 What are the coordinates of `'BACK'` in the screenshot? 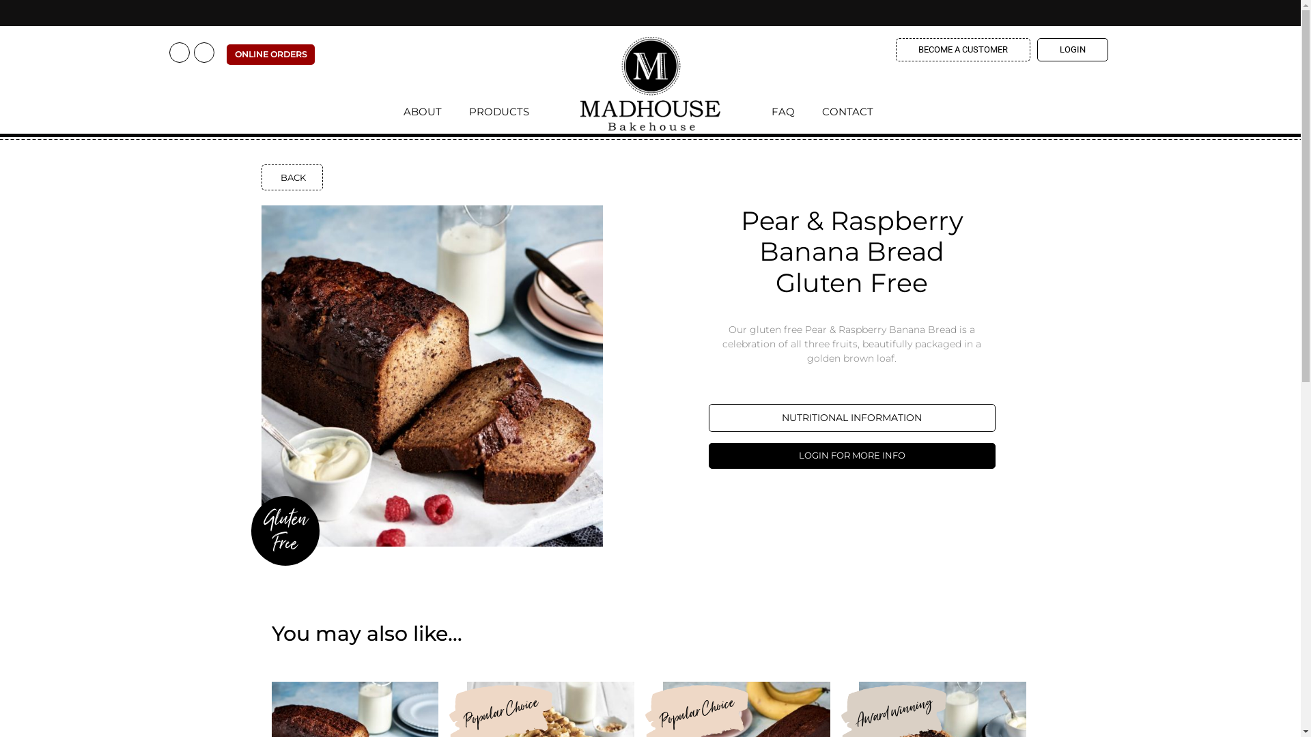 It's located at (291, 176).